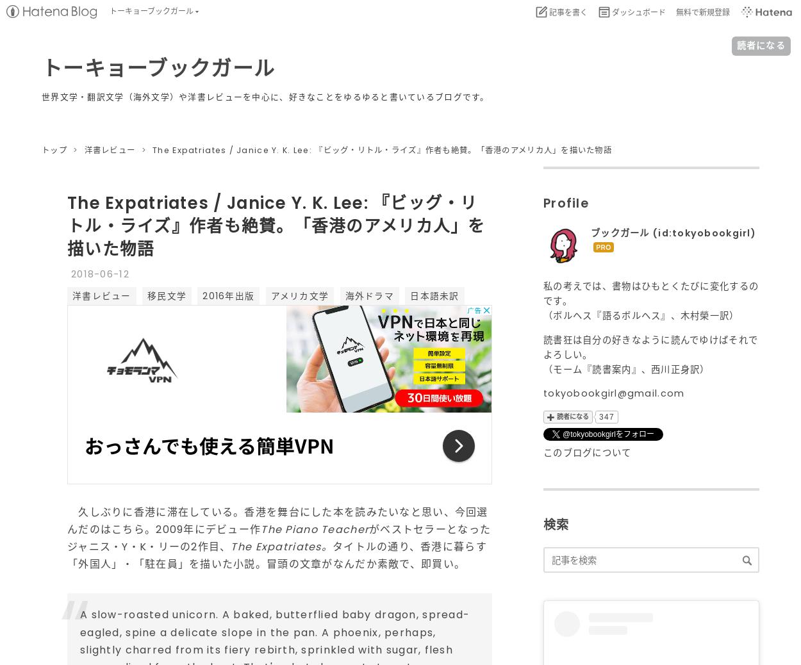  What do you see at coordinates (83, 273) in the screenshot?
I see `'2018'` at bounding box center [83, 273].